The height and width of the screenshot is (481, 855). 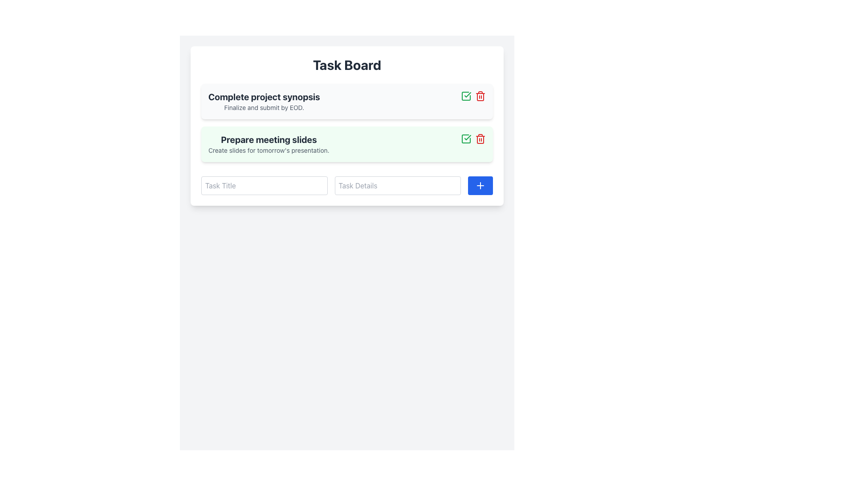 What do you see at coordinates (264, 101) in the screenshot?
I see `the text block containing the main heading 'Complete project synopsis' and the subtitle 'Finalize and submit by EOD.'` at bounding box center [264, 101].